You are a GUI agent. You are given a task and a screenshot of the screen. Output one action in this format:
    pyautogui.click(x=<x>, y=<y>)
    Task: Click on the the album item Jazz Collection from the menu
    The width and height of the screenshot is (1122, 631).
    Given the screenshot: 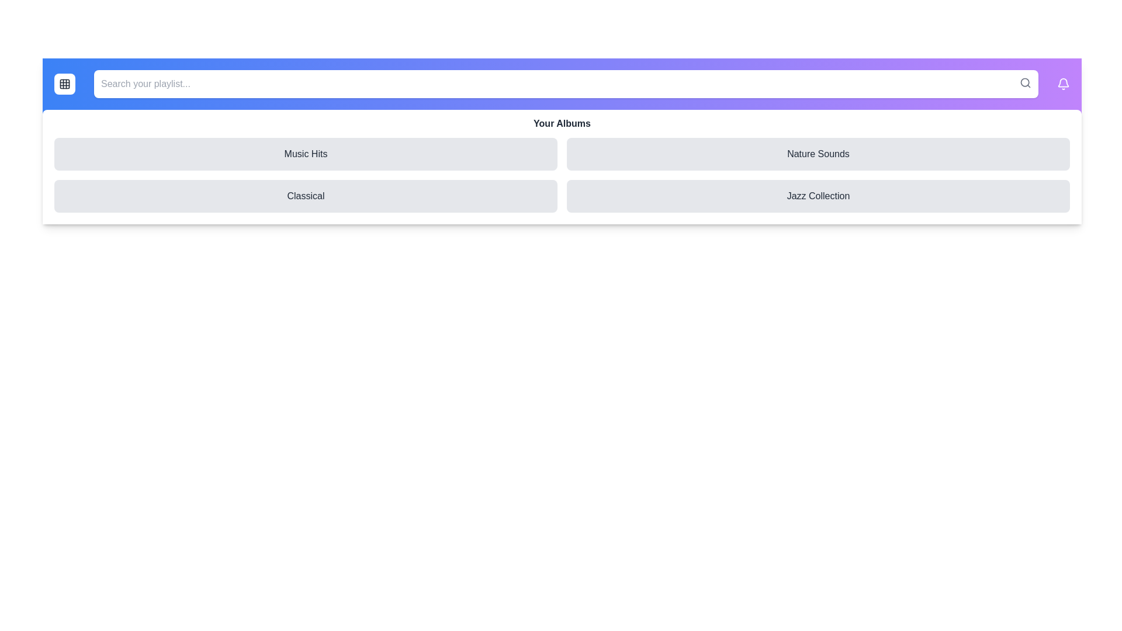 What is the action you would take?
    pyautogui.click(x=818, y=195)
    